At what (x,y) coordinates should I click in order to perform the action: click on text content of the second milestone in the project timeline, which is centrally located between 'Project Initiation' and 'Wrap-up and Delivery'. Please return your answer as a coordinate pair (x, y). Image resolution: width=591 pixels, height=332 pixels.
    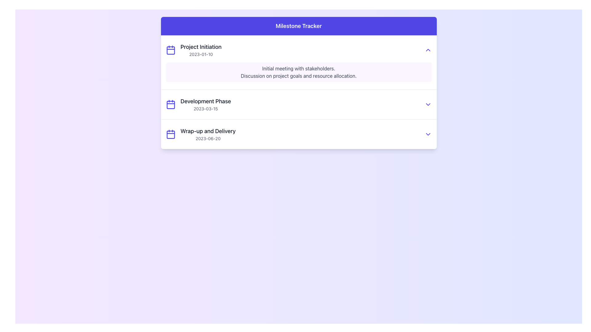
    Looking at the image, I should click on (206, 104).